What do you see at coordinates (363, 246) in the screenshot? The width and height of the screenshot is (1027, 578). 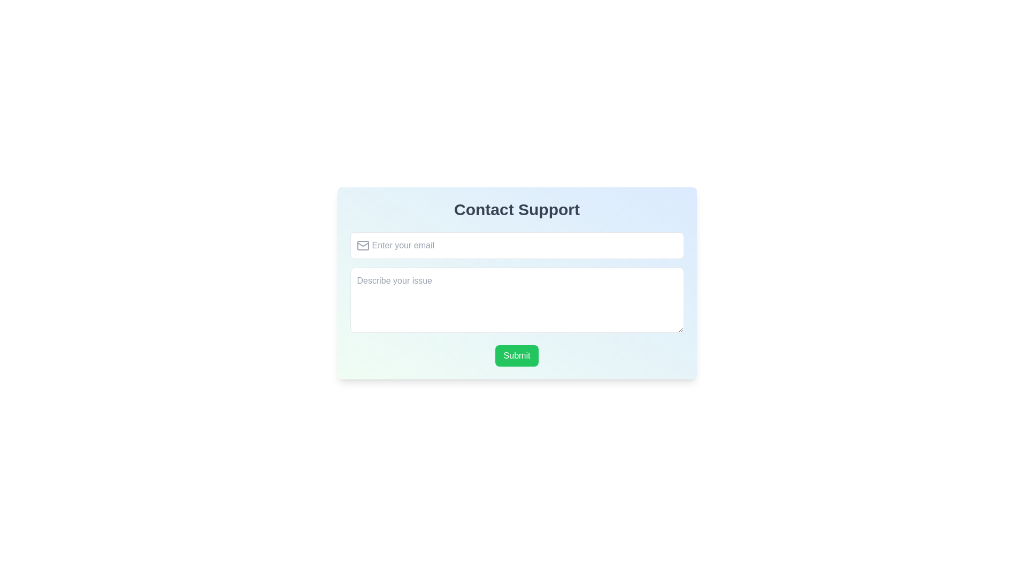 I see `the email icon located to the left of the 'Enter your email' input field` at bounding box center [363, 246].